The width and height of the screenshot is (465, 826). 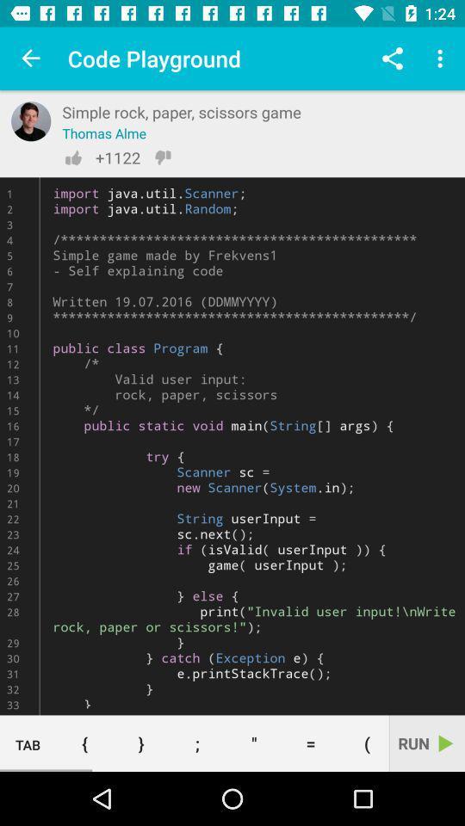 I want to click on like, so click(x=72, y=157).